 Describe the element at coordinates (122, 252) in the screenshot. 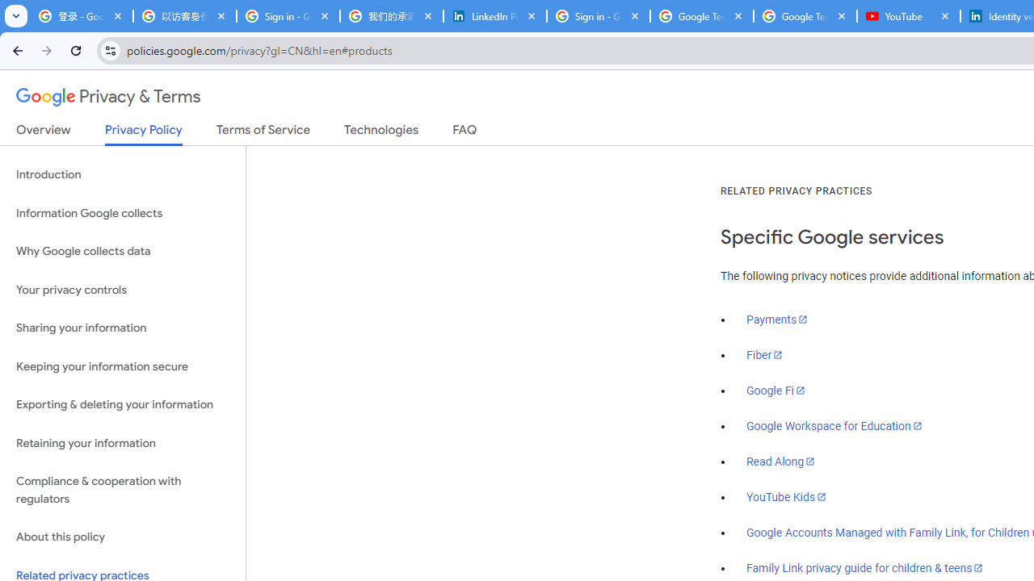

I see `'Why Google collects data'` at that location.